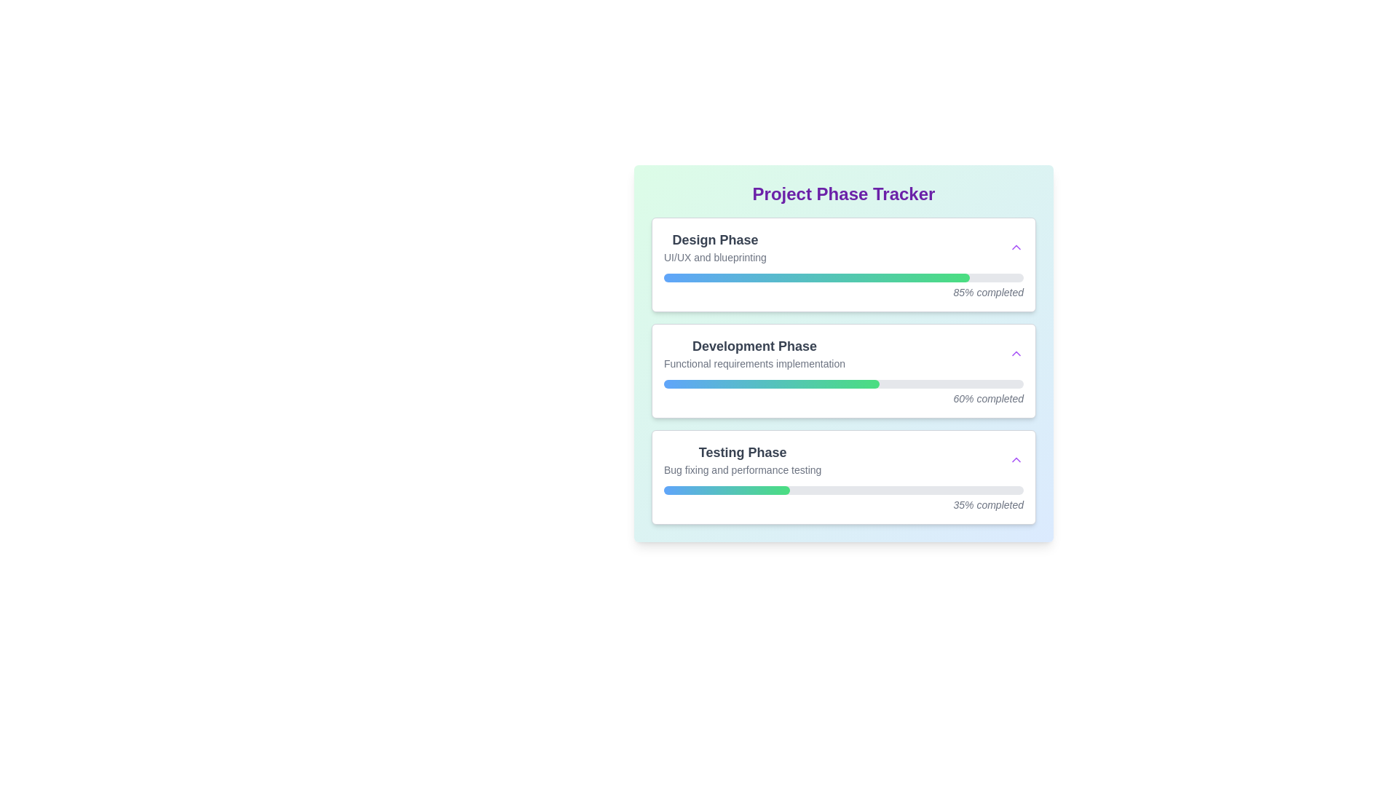 The width and height of the screenshot is (1398, 786). Describe the element at coordinates (743, 451) in the screenshot. I see `the main heading Text Label element displaying 'Testing Phase', which is styled in bold and larger font size, located in the section with subtitle 'Bug fixing and performance testing'` at that location.